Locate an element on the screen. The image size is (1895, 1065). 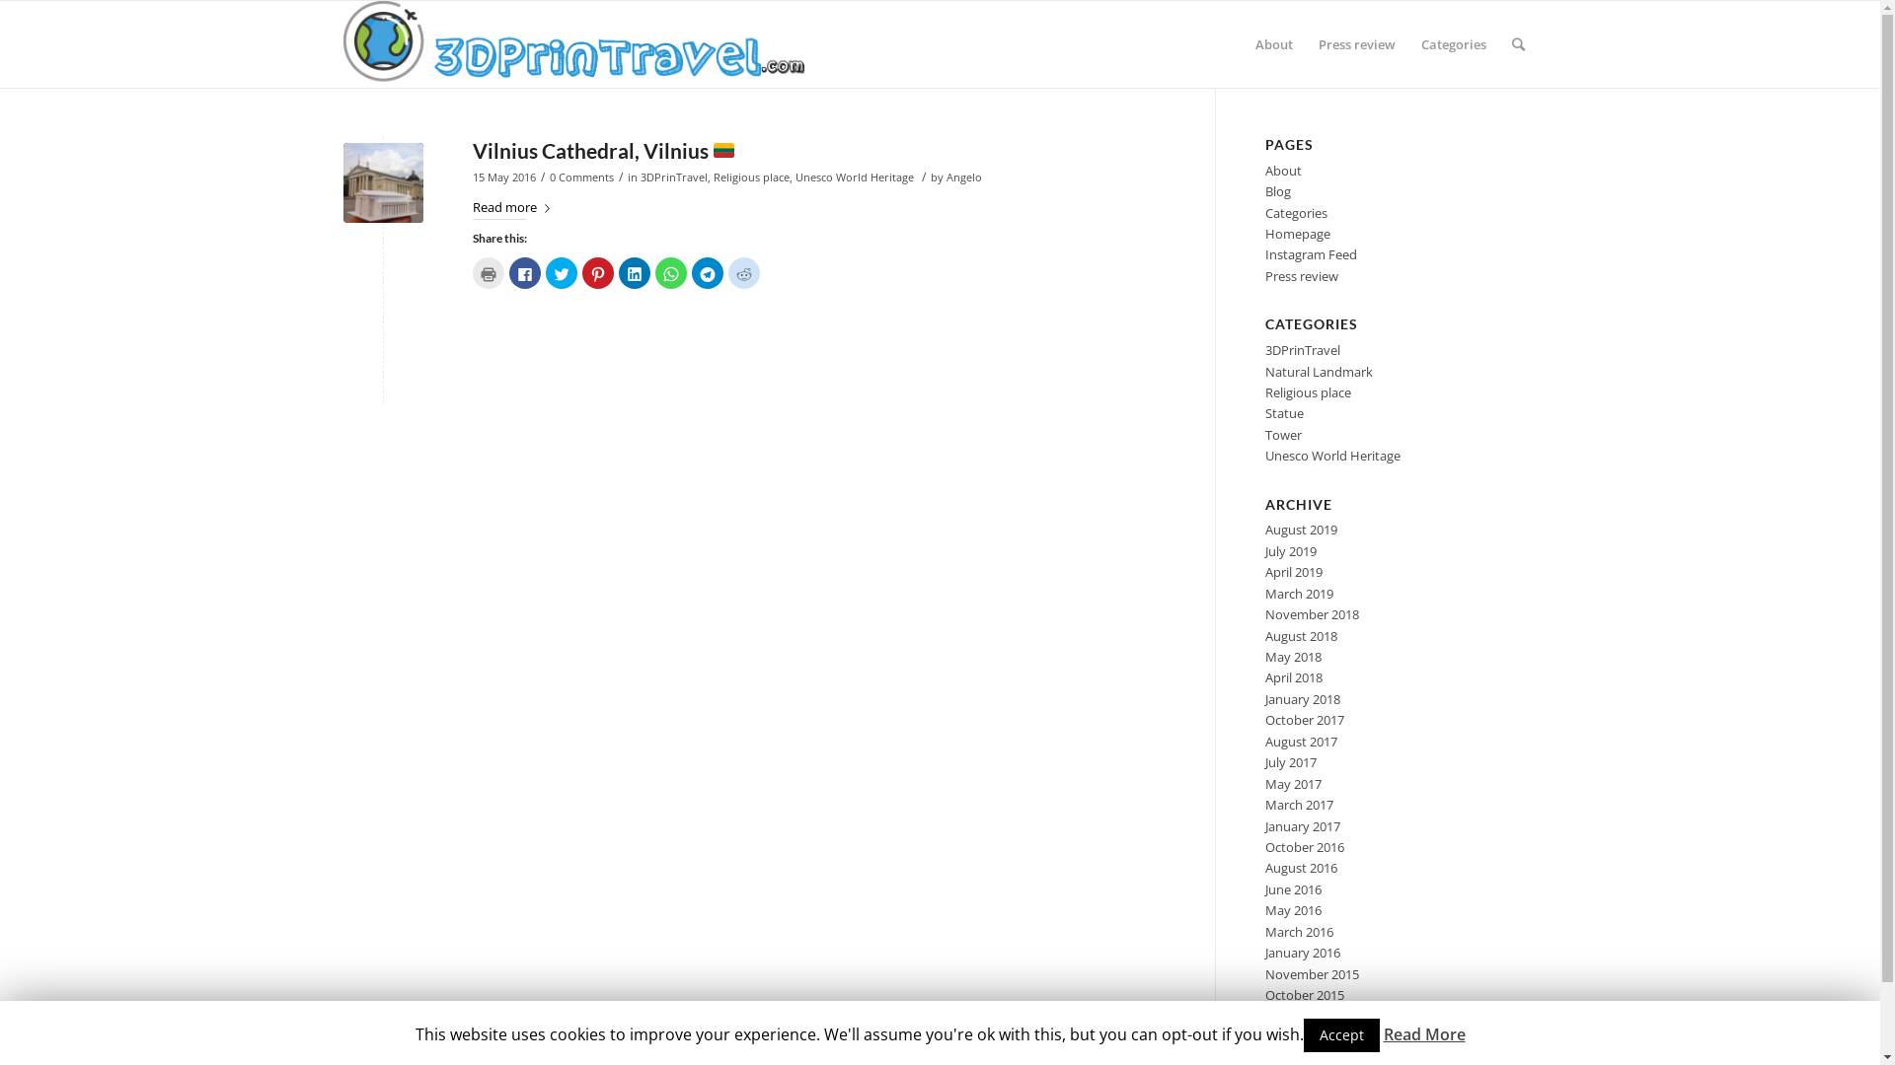
'Click to share on Telegram (Opens in new window)' is located at coordinates (706, 273).